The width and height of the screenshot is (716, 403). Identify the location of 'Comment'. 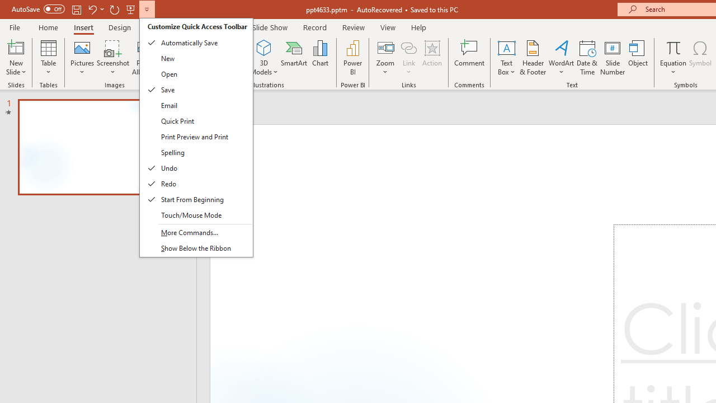
(469, 58).